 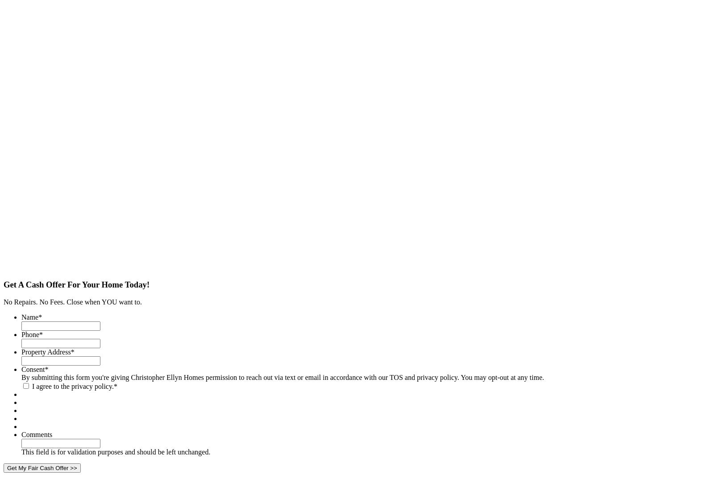 What do you see at coordinates (282, 377) in the screenshot?
I see `'By submitting this form you're giving Christopher Ellyn Homes permission to reach out via text or email in accordance with our TOS and privacy policy. You may opt-out at any time.'` at bounding box center [282, 377].